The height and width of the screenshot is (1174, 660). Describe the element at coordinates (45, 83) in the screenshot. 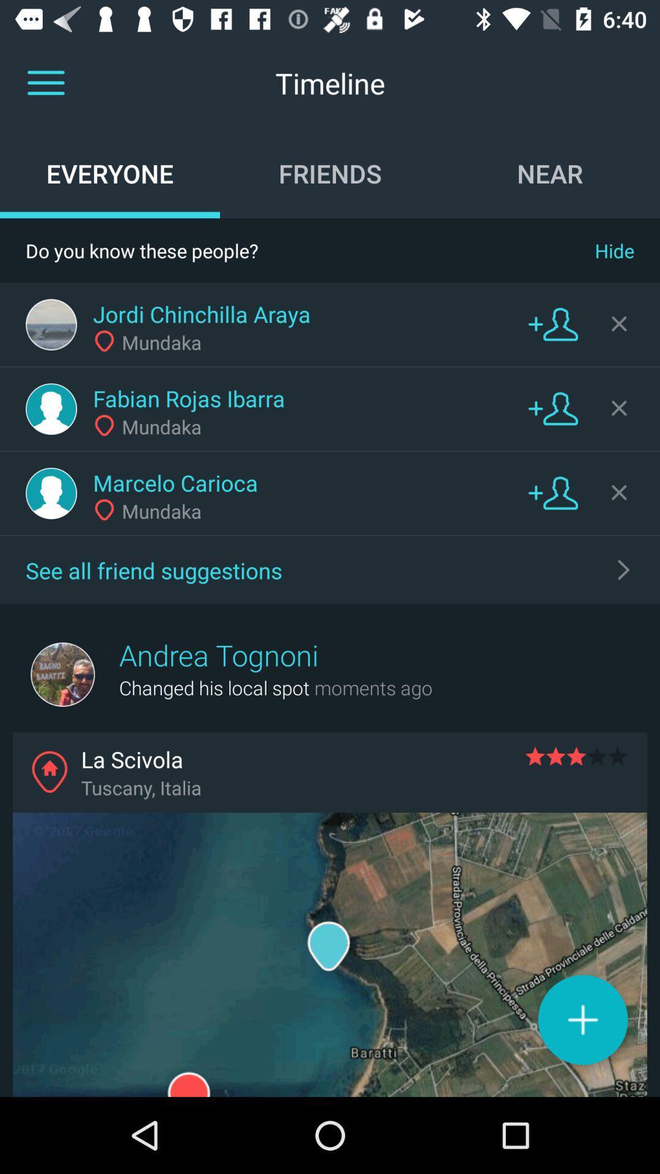

I see `open menu` at that location.